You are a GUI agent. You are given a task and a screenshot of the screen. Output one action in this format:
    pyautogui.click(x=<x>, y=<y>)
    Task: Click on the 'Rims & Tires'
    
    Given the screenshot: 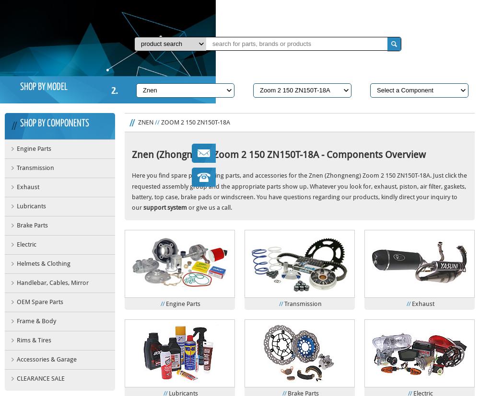 What is the action you would take?
    pyautogui.click(x=33, y=340)
    